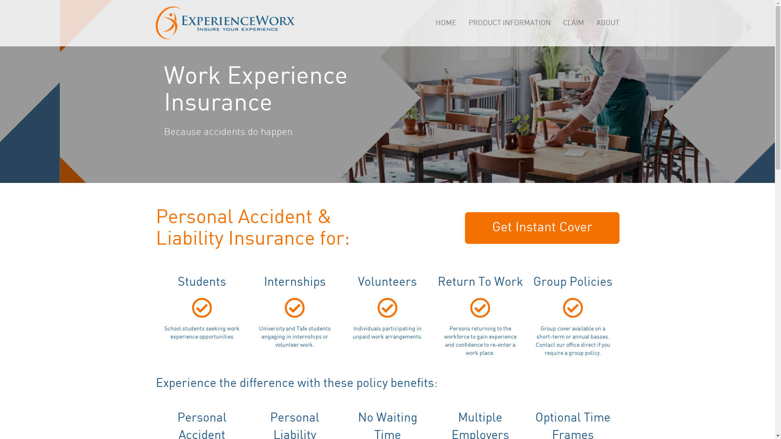 This screenshot has height=439, width=781. What do you see at coordinates (445, 23) in the screenshot?
I see `'HOME'` at bounding box center [445, 23].